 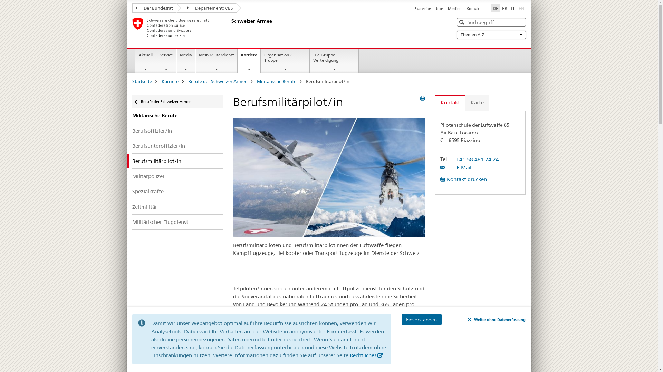 What do you see at coordinates (135, 61) in the screenshot?
I see `'Aktuell'` at bounding box center [135, 61].